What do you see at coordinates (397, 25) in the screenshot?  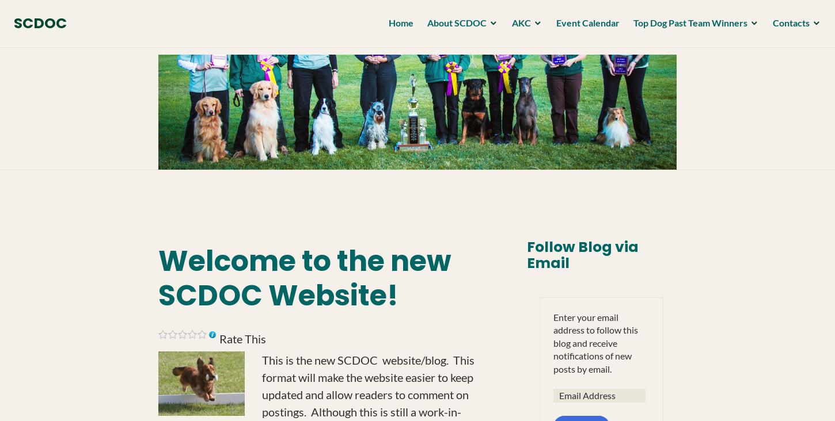 I see `'Home'` at bounding box center [397, 25].